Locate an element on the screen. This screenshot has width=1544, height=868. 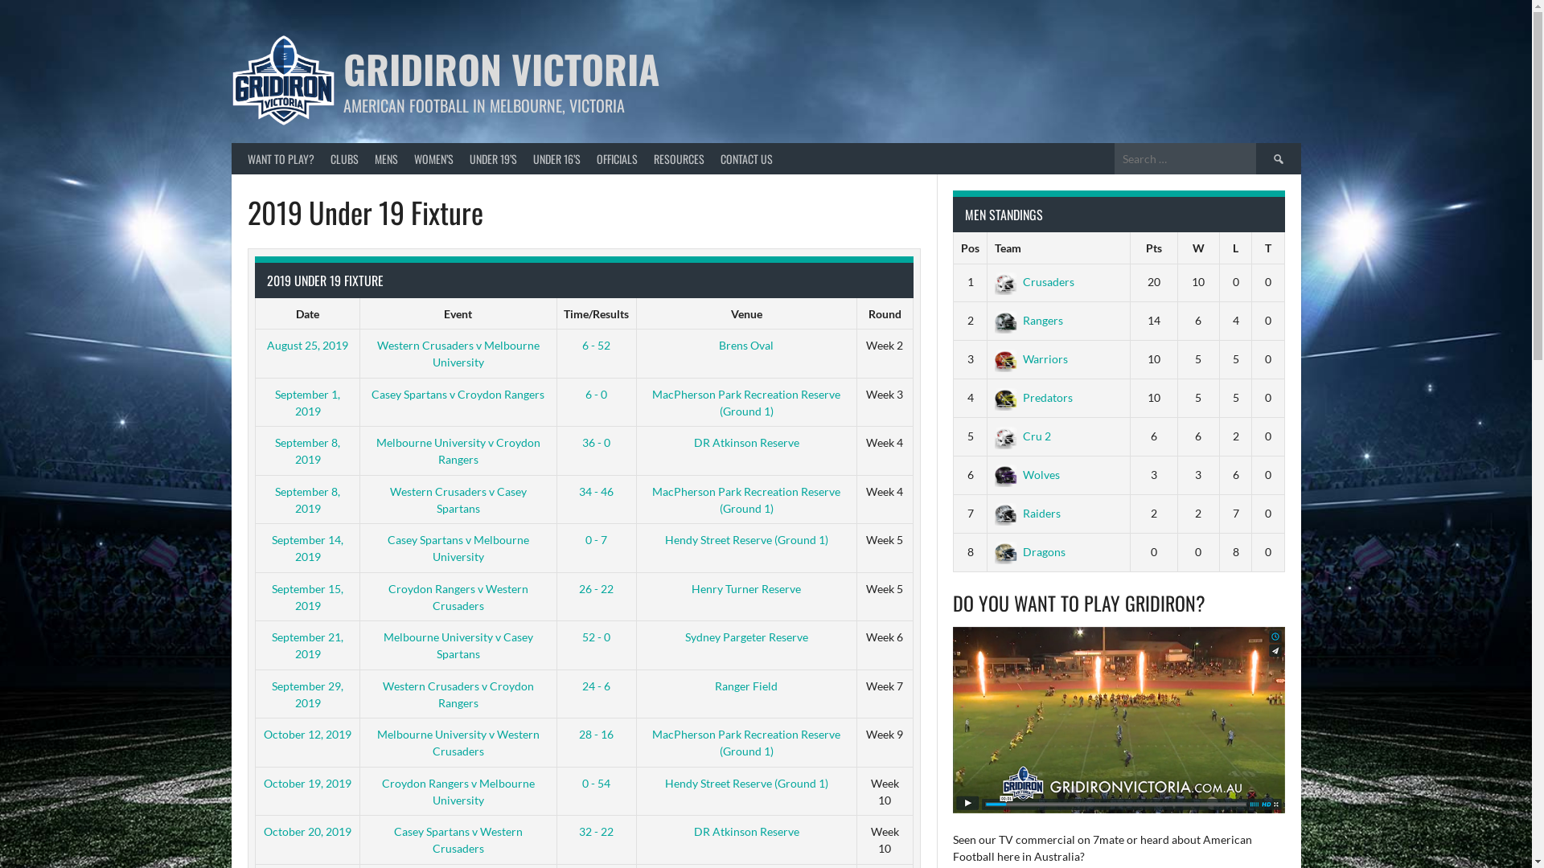
'September 29, 2019' is located at coordinates (271, 693).